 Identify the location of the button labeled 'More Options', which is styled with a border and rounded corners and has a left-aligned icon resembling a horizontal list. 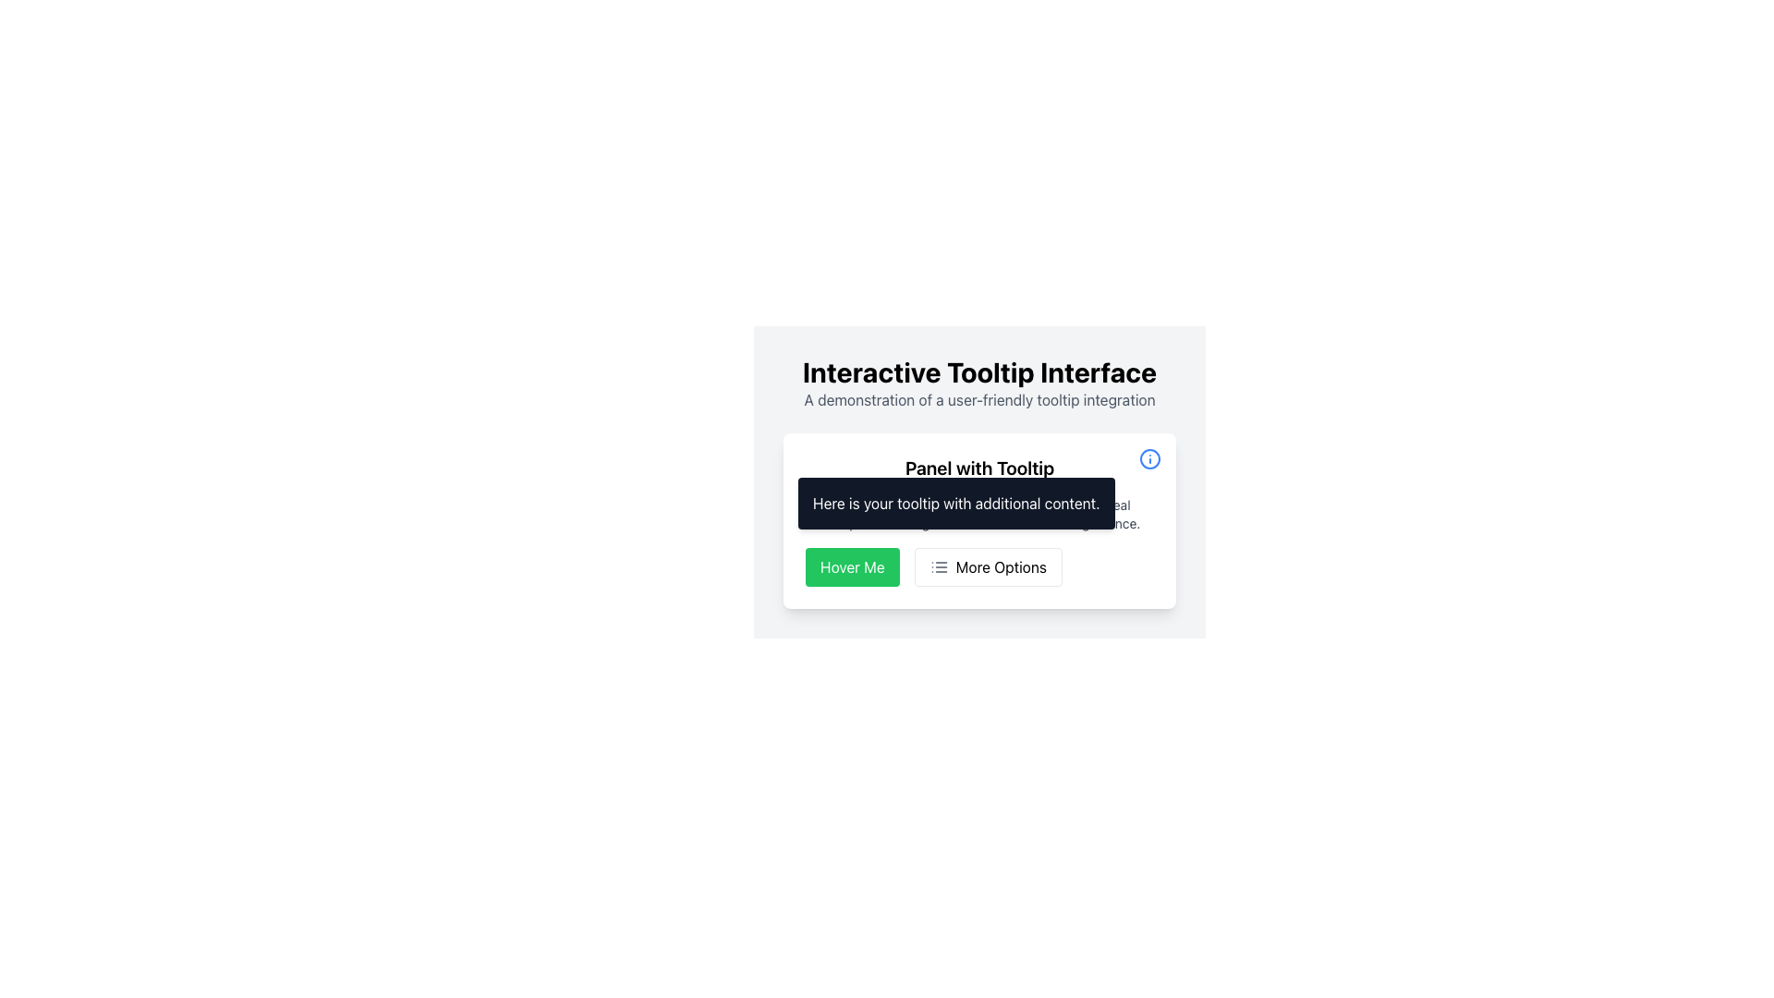
(987, 566).